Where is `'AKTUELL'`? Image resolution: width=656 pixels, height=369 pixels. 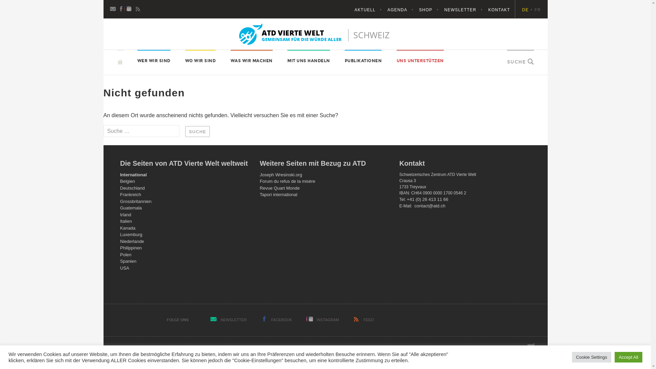 'AKTUELL' is located at coordinates (370, 10).